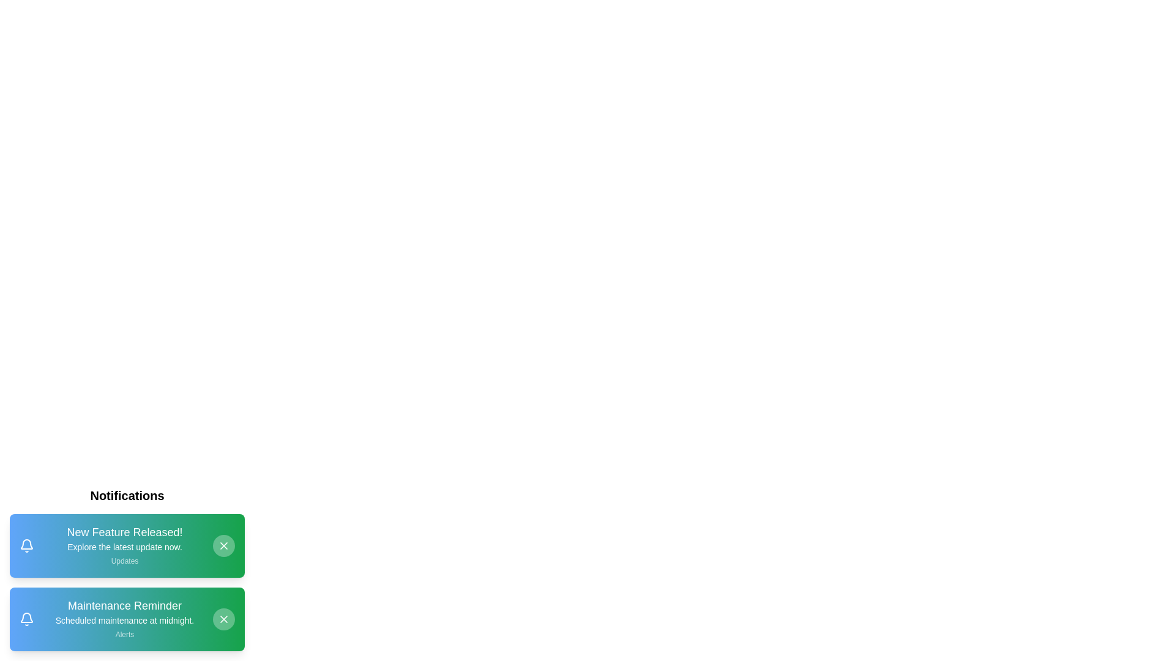  Describe the element at coordinates (127, 619) in the screenshot. I see `the notification item with title Maintenance Reminder` at that location.